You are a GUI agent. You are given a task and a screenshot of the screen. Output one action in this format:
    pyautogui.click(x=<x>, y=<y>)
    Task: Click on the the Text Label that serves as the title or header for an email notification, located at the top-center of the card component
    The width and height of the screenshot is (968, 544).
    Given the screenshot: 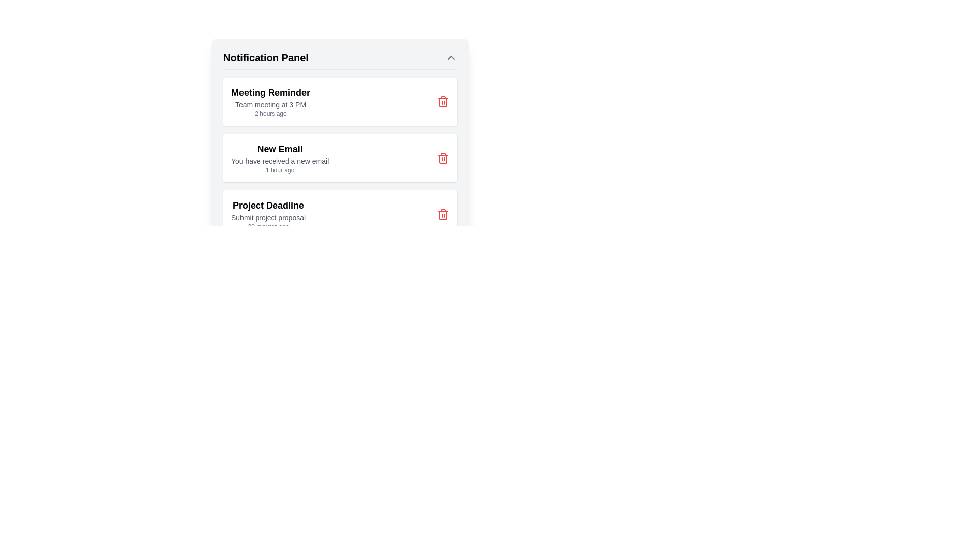 What is the action you would take?
    pyautogui.click(x=280, y=149)
    